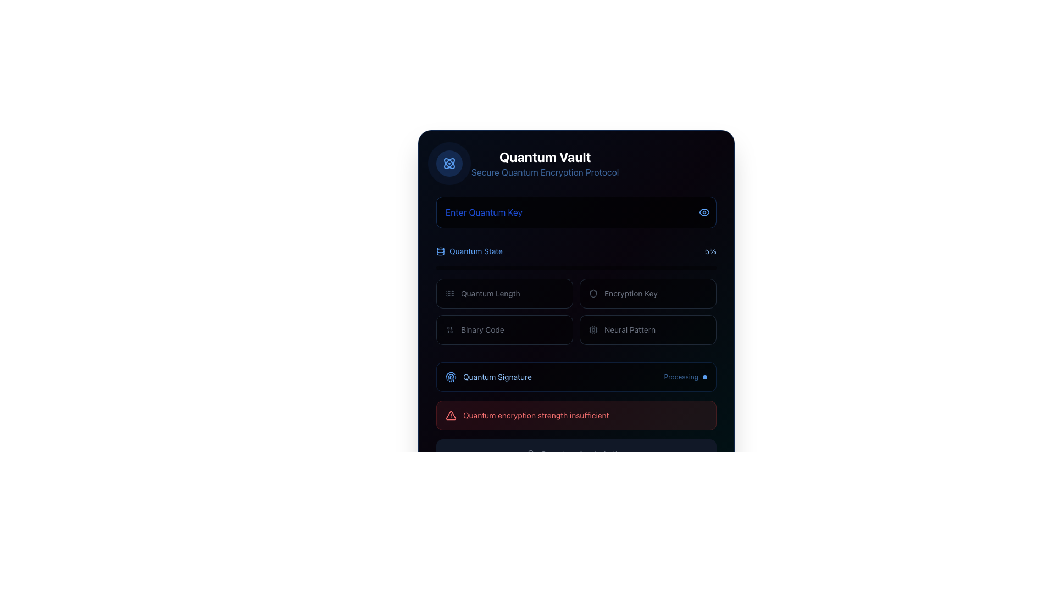  I want to click on the wave-like icon located within the button labeled 'Quantum Length' in the top-left quadrant of the button's interior, so click(450, 293).